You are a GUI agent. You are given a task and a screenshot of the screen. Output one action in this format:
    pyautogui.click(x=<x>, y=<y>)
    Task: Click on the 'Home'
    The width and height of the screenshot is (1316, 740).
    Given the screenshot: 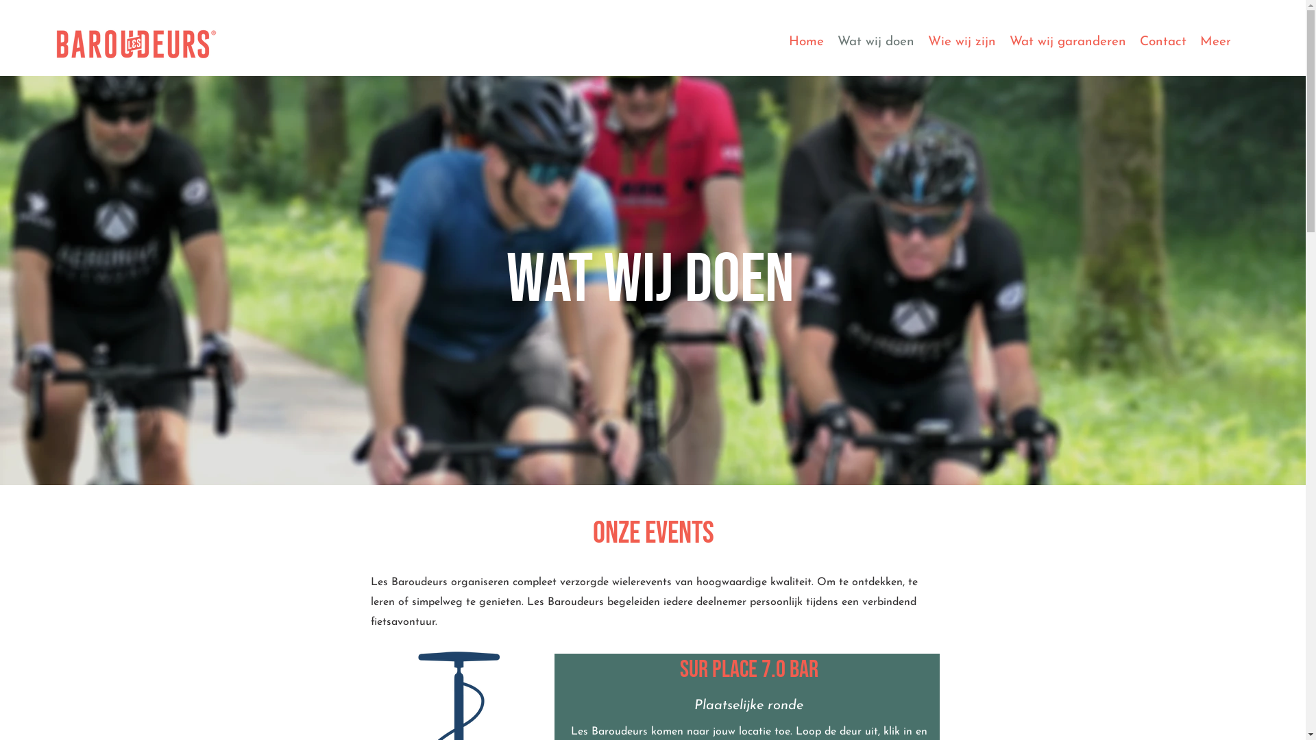 What is the action you would take?
    pyautogui.click(x=806, y=43)
    